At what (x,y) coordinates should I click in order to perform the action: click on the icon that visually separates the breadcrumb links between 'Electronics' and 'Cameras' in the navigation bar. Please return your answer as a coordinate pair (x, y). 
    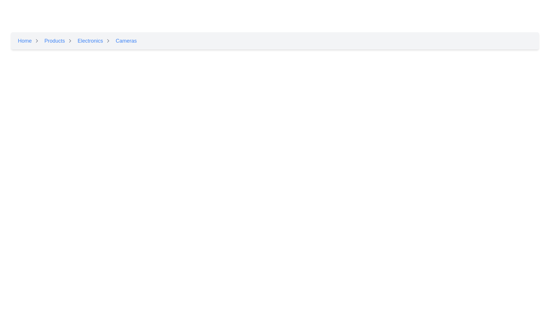
    Looking at the image, I should click on (108, 41).